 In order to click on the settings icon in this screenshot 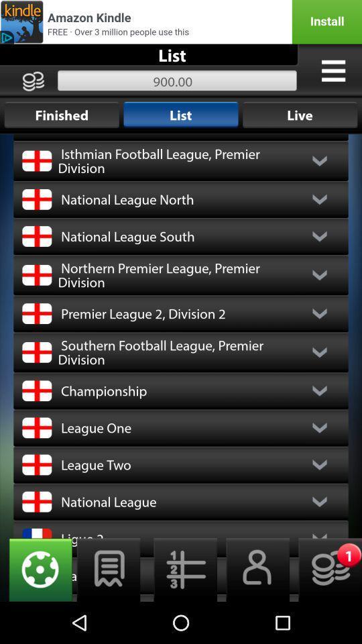, I will do `click(36, 610)`.